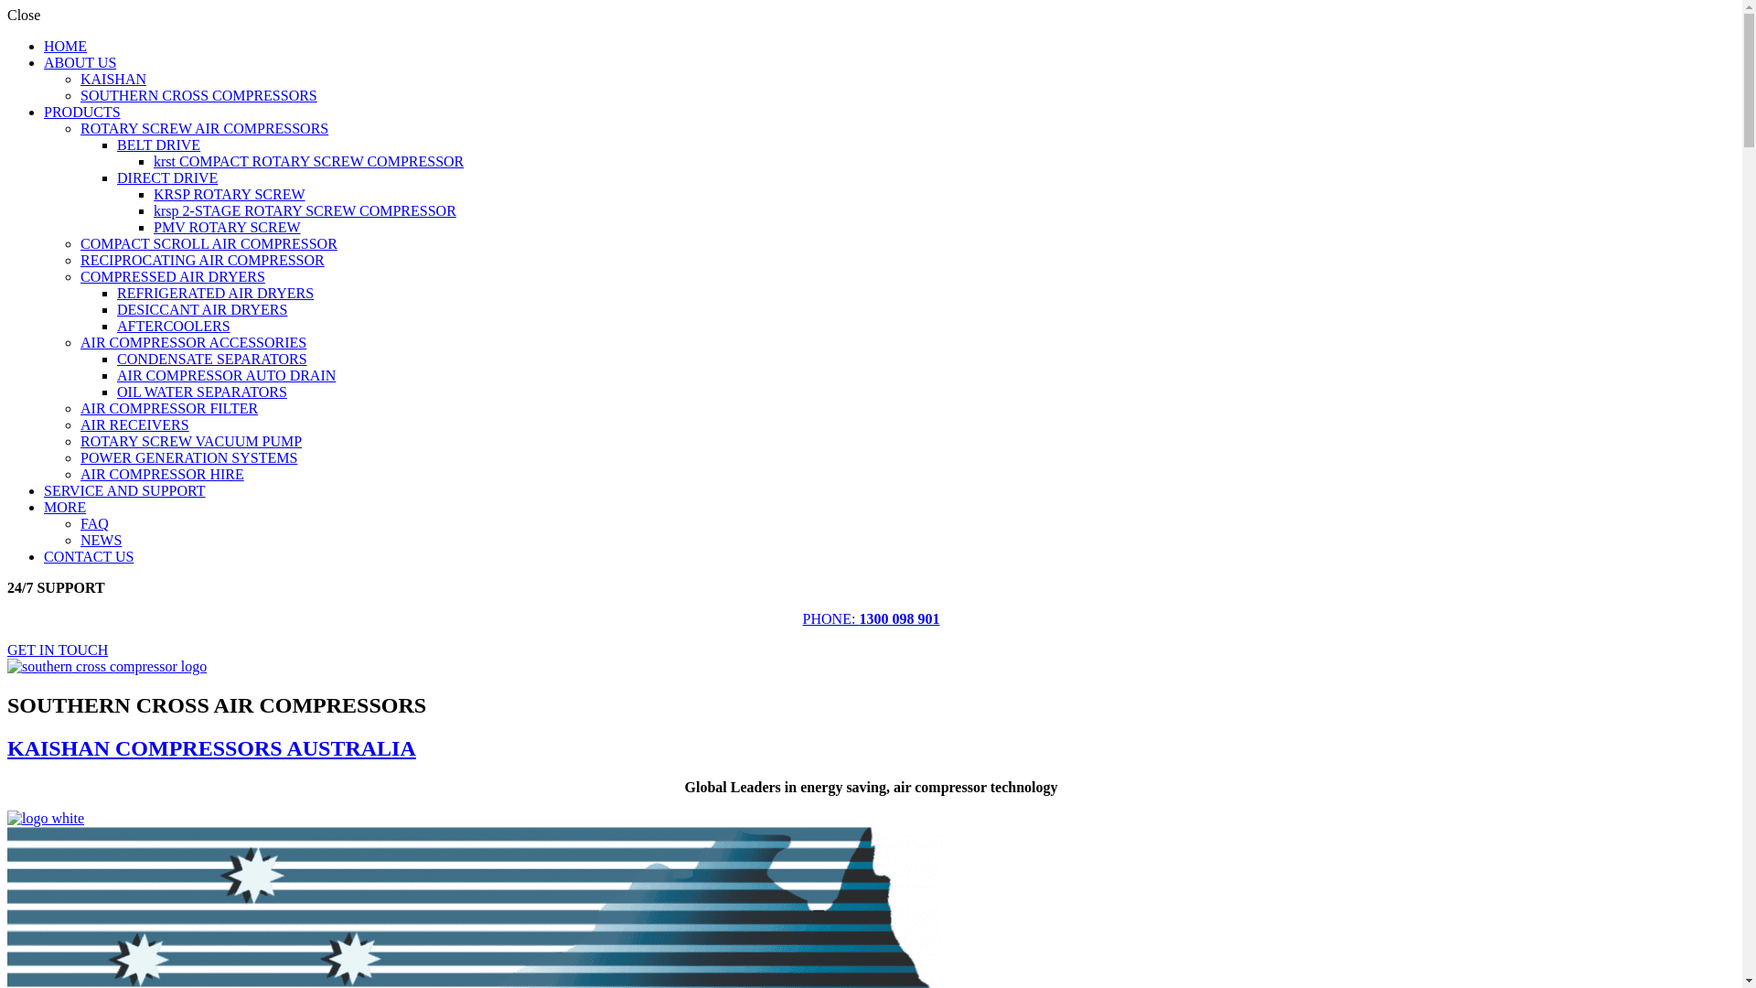 The height and width of the screenshot is (988, 1756). What do you see at coordinates (79, 539) in the screenshot?
I see `'NEWS'` at bounding box center [79, 539].